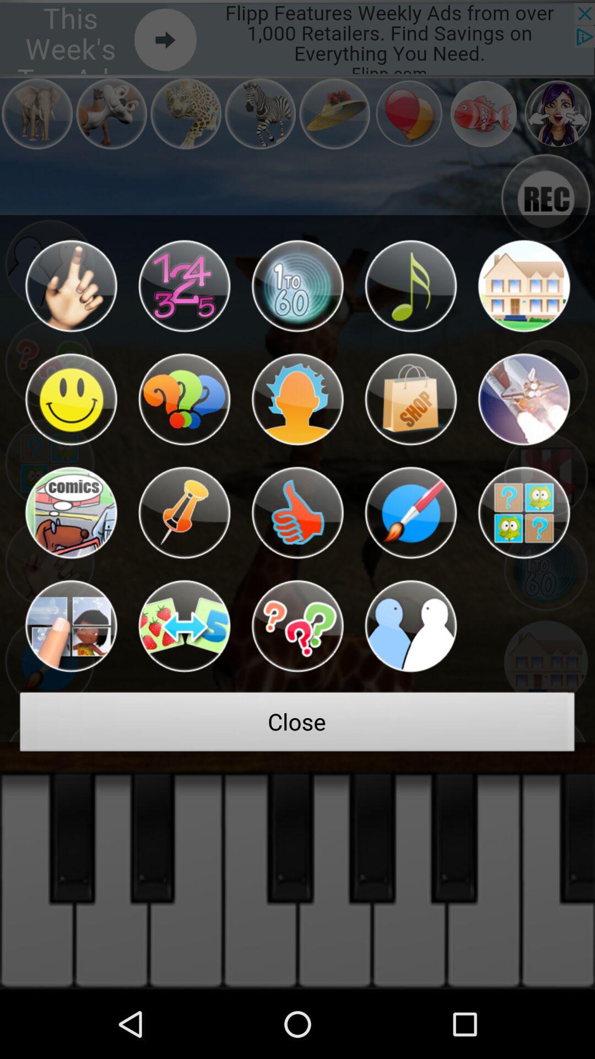  I want to click on the close at the bottom, so click(297, 725).